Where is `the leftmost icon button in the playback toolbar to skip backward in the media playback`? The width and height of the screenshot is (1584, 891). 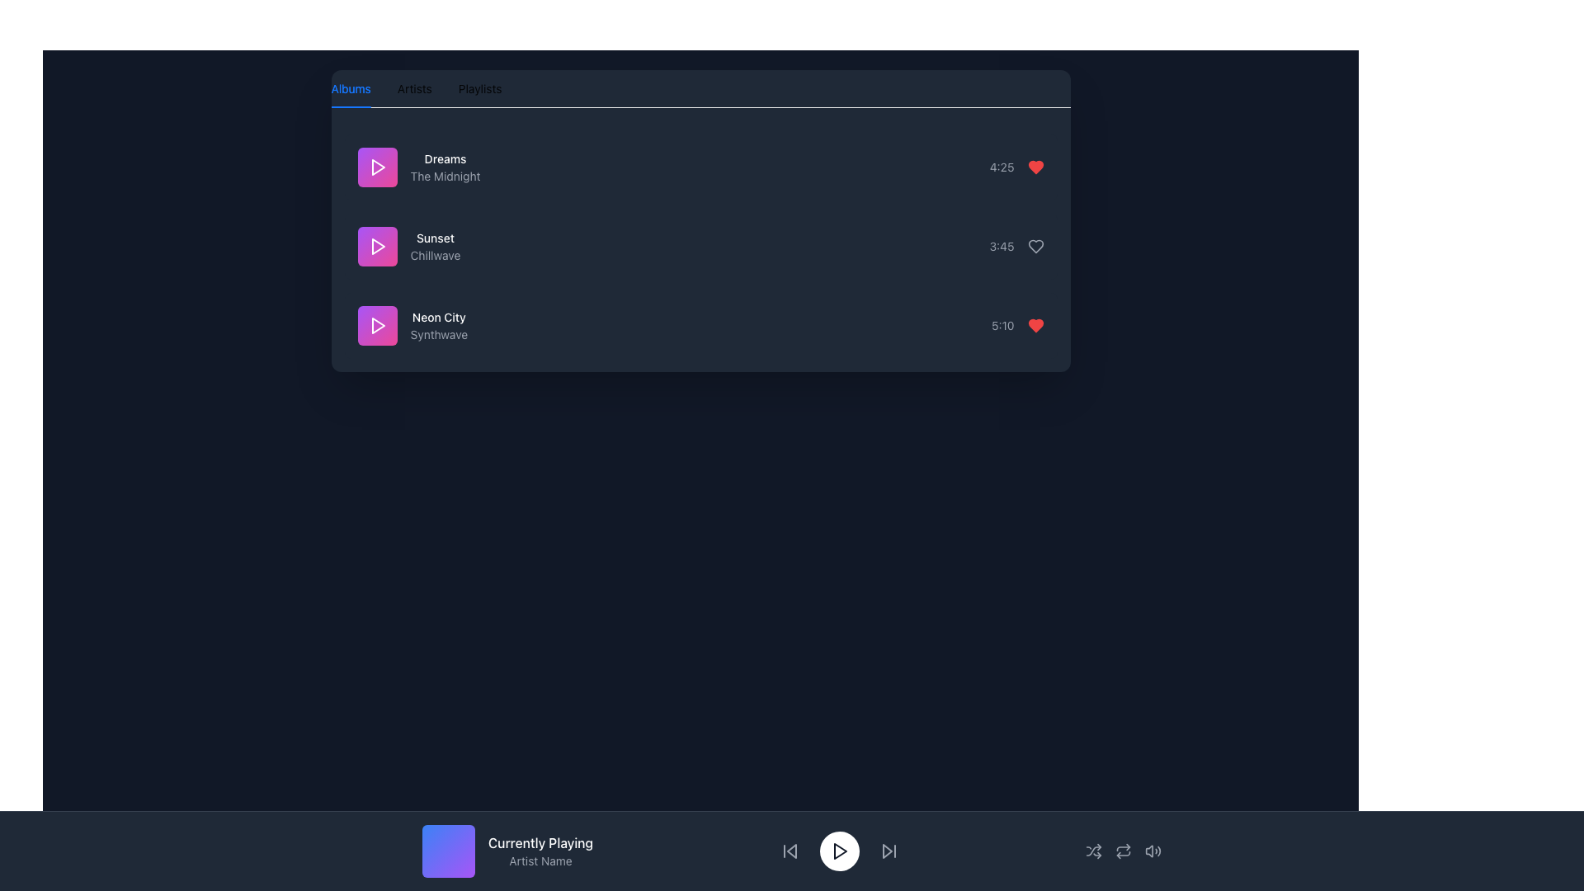
the leftmost icon button in the playback toolbar to skip backward in the media playback is located at coordinates (790, 851).